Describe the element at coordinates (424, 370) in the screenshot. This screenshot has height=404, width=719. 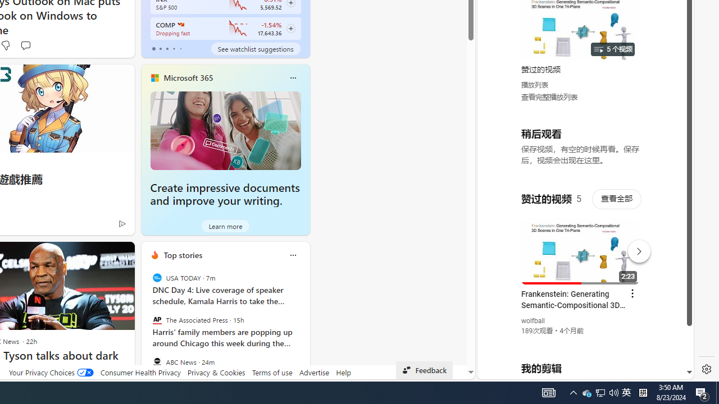
I see `'Feedback'` at that location.